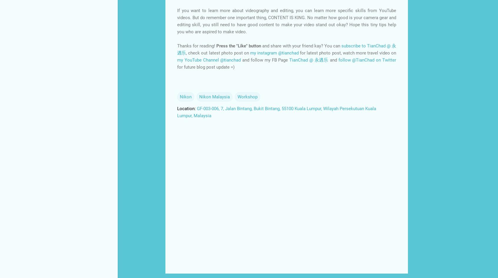 This screenshot has height=278, width=498. What do you see at coordinates (287, 49) in the screenshot?
I see `'subscribe to  TianChad @ 永遇乐'` at bounding box center [287, 49].